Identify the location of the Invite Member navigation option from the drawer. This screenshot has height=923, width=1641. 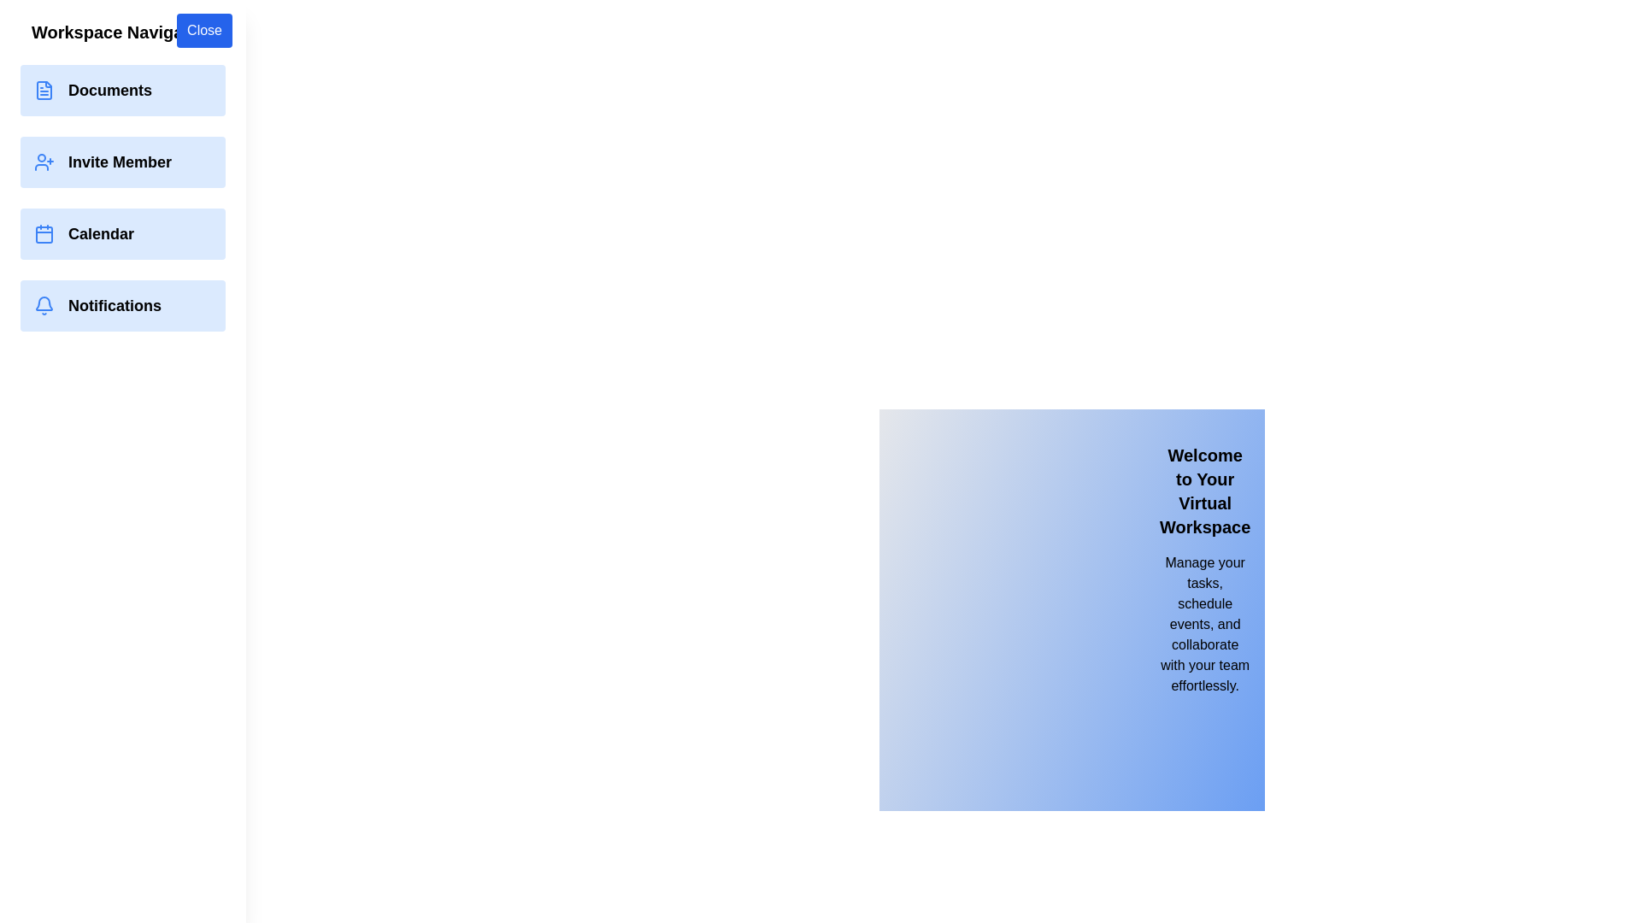
(122, 162).